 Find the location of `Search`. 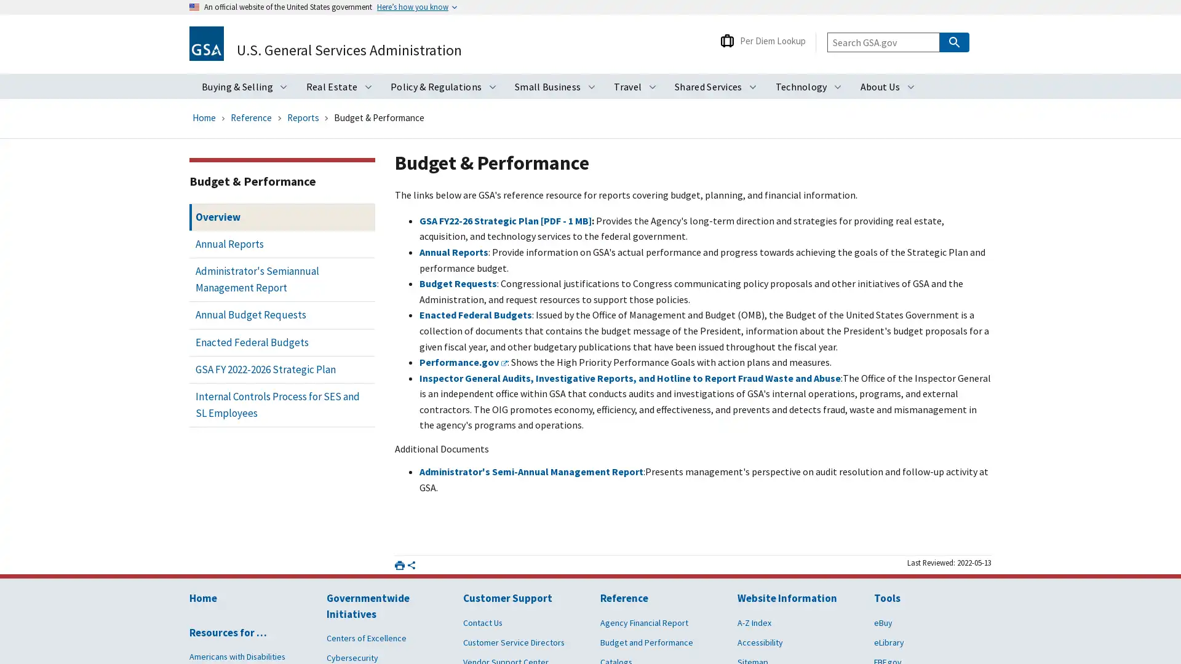

Search is located at coordinates (953, 42).